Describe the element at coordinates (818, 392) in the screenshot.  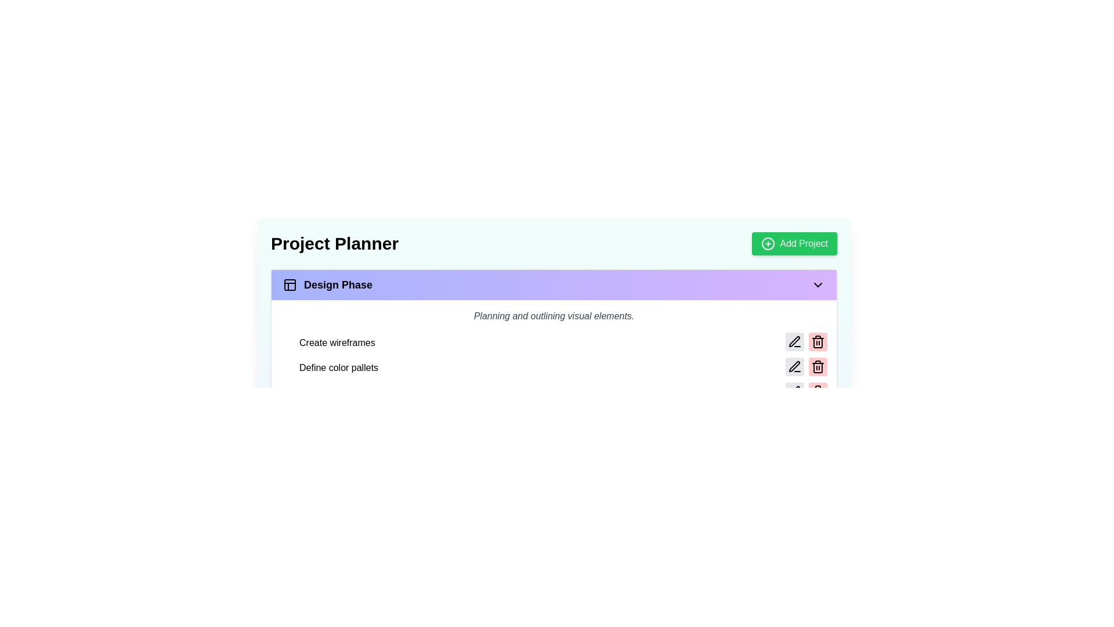
I see `the delete button located to the right of the task list entry` at that location.